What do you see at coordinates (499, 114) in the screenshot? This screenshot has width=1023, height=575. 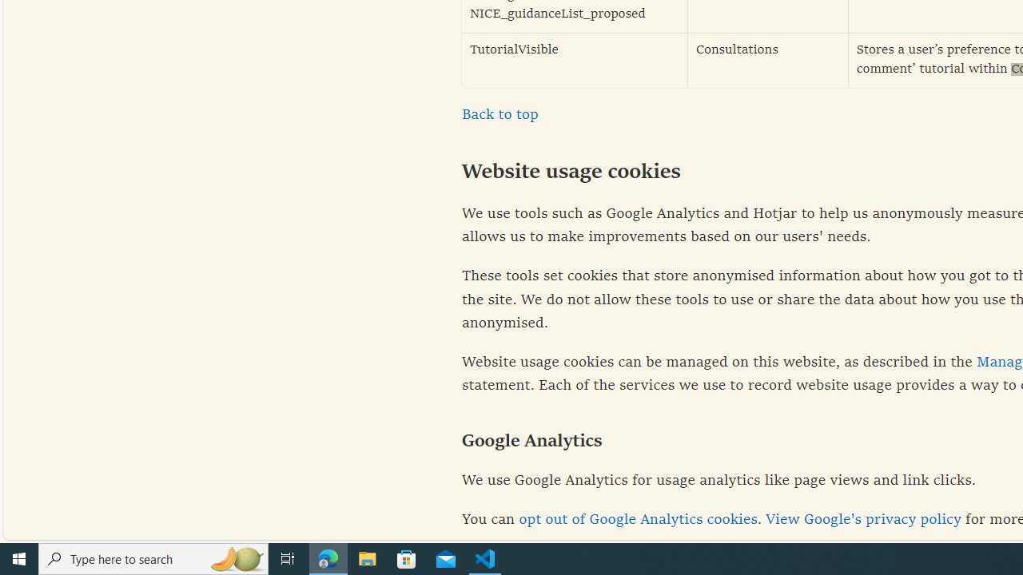 I see `'Back to top'` at bounding box center [499, 114].